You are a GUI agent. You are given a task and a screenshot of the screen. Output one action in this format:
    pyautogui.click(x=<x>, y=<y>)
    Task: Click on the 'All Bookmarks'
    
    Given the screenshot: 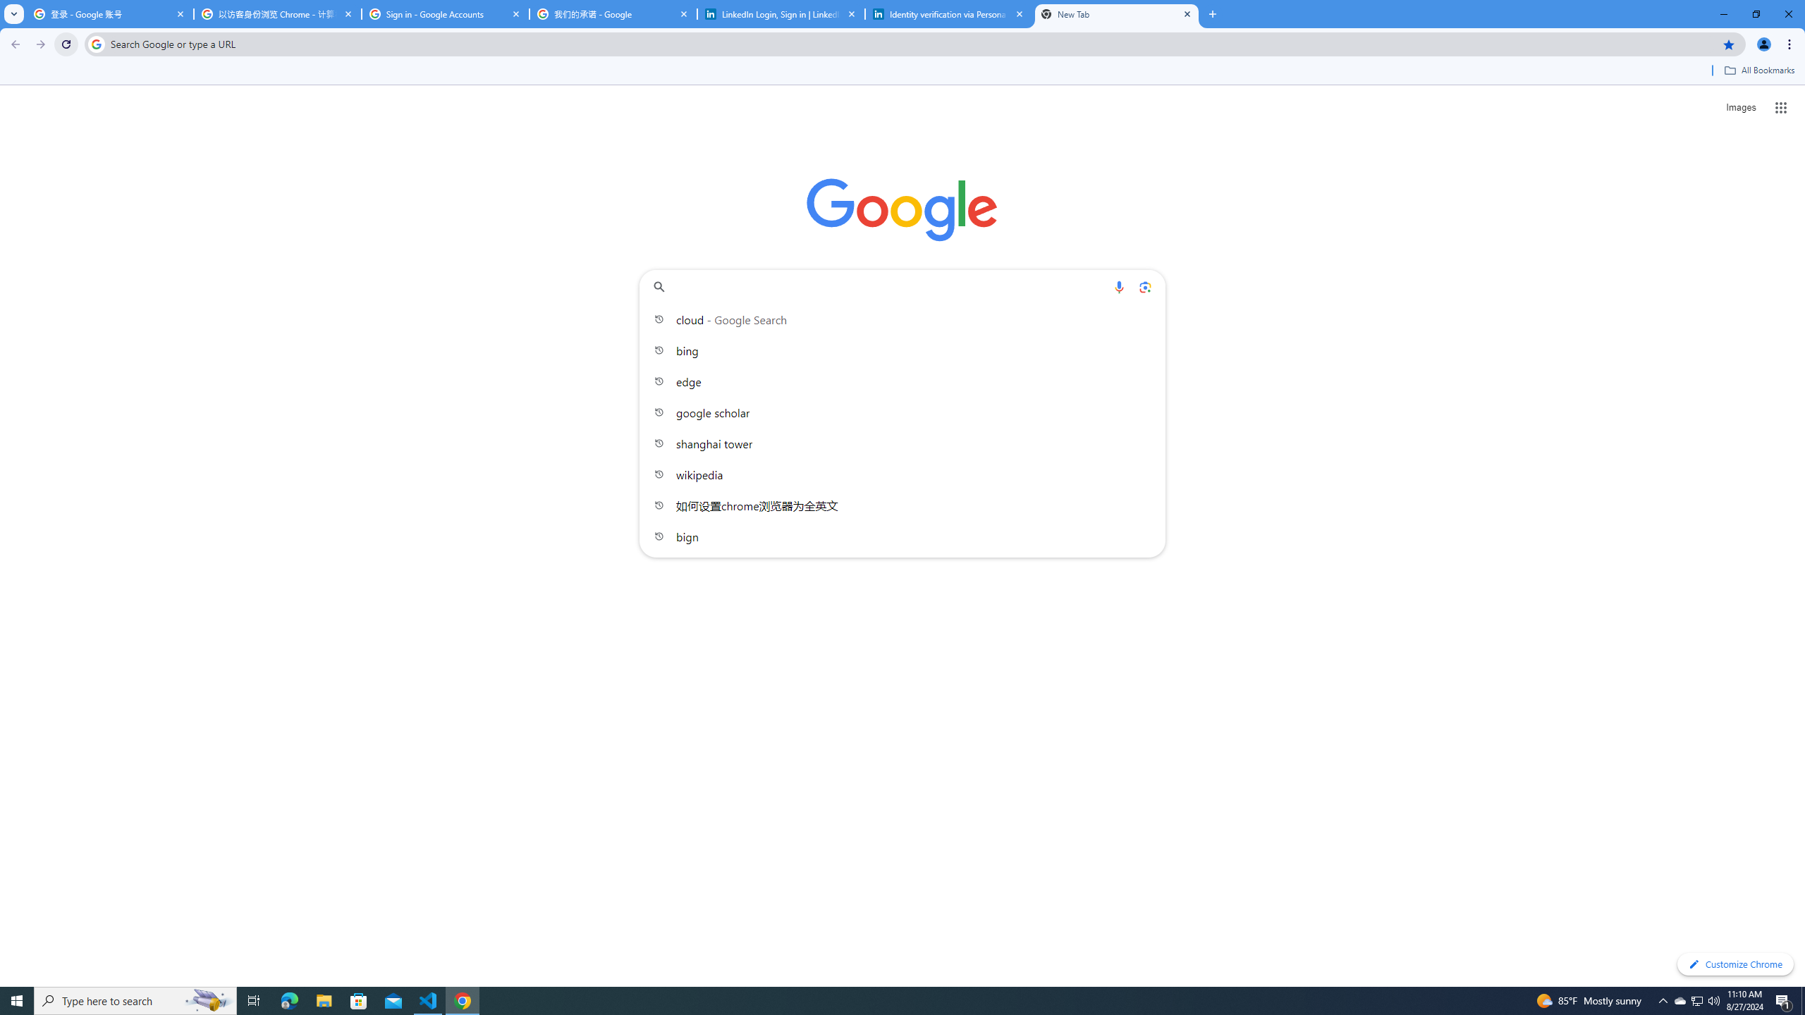 What is the action you would take?
    pyautogui.click(x=1758, y=70)
    